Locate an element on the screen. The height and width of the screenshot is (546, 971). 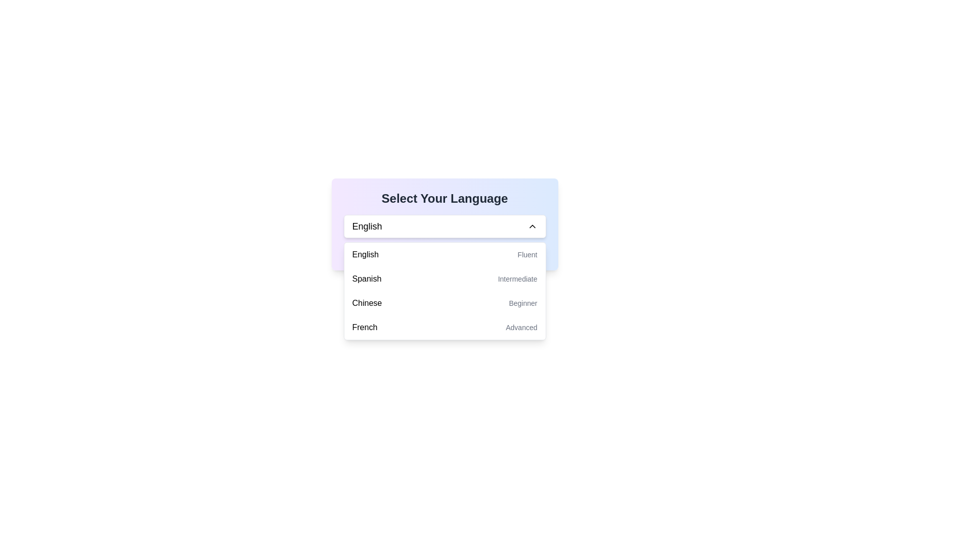
the language selection dropdown menu is located at coordinates (445, 223).